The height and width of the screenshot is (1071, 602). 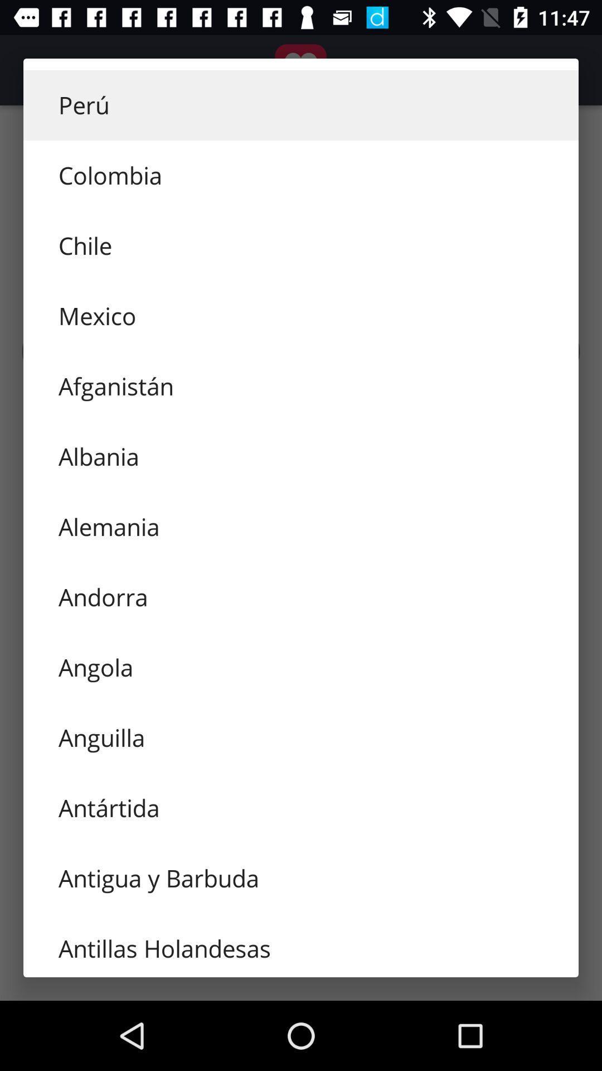 What do you see at coordinates (301, 105) in the screenshot?
I see `icon above colombia item` at bounding box center [301, 105].